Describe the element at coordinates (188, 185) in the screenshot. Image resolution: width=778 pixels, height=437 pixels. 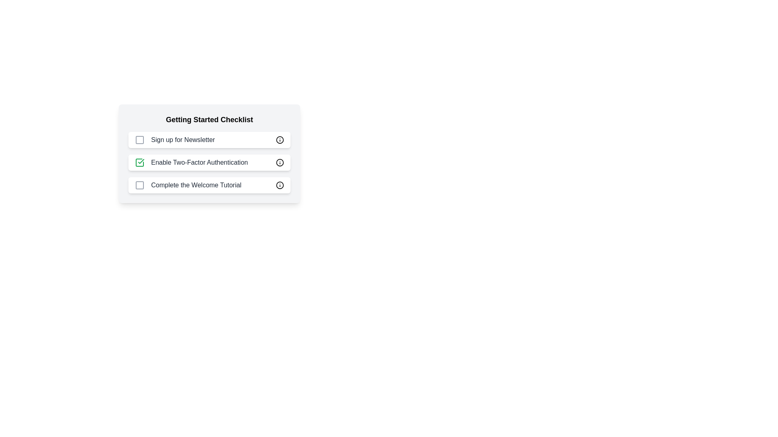
I see `the checkbox labeled 'Complete the Welcome Tutorial'` at that location.